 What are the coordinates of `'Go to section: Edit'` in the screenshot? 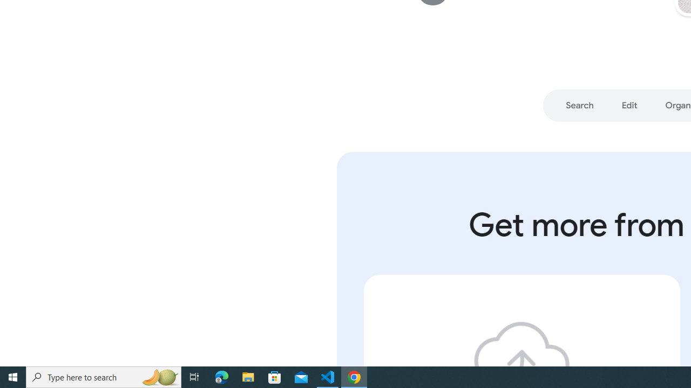 It's located at (629, 106).